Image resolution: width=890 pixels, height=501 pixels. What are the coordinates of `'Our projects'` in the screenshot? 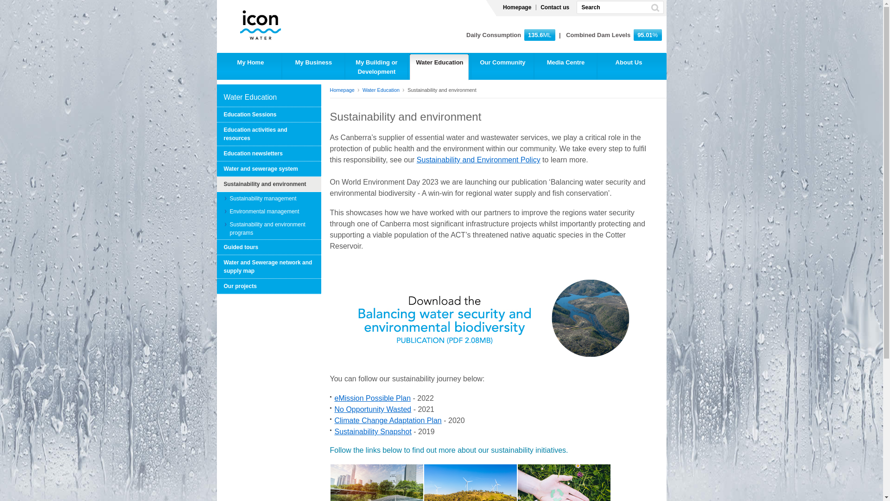 It's located at (268, 286).